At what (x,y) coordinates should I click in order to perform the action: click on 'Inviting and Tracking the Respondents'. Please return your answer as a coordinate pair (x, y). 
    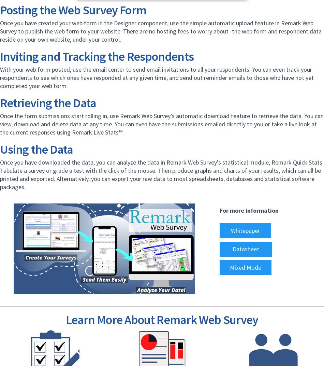
    Looking at the image, I should click on (96, 56).